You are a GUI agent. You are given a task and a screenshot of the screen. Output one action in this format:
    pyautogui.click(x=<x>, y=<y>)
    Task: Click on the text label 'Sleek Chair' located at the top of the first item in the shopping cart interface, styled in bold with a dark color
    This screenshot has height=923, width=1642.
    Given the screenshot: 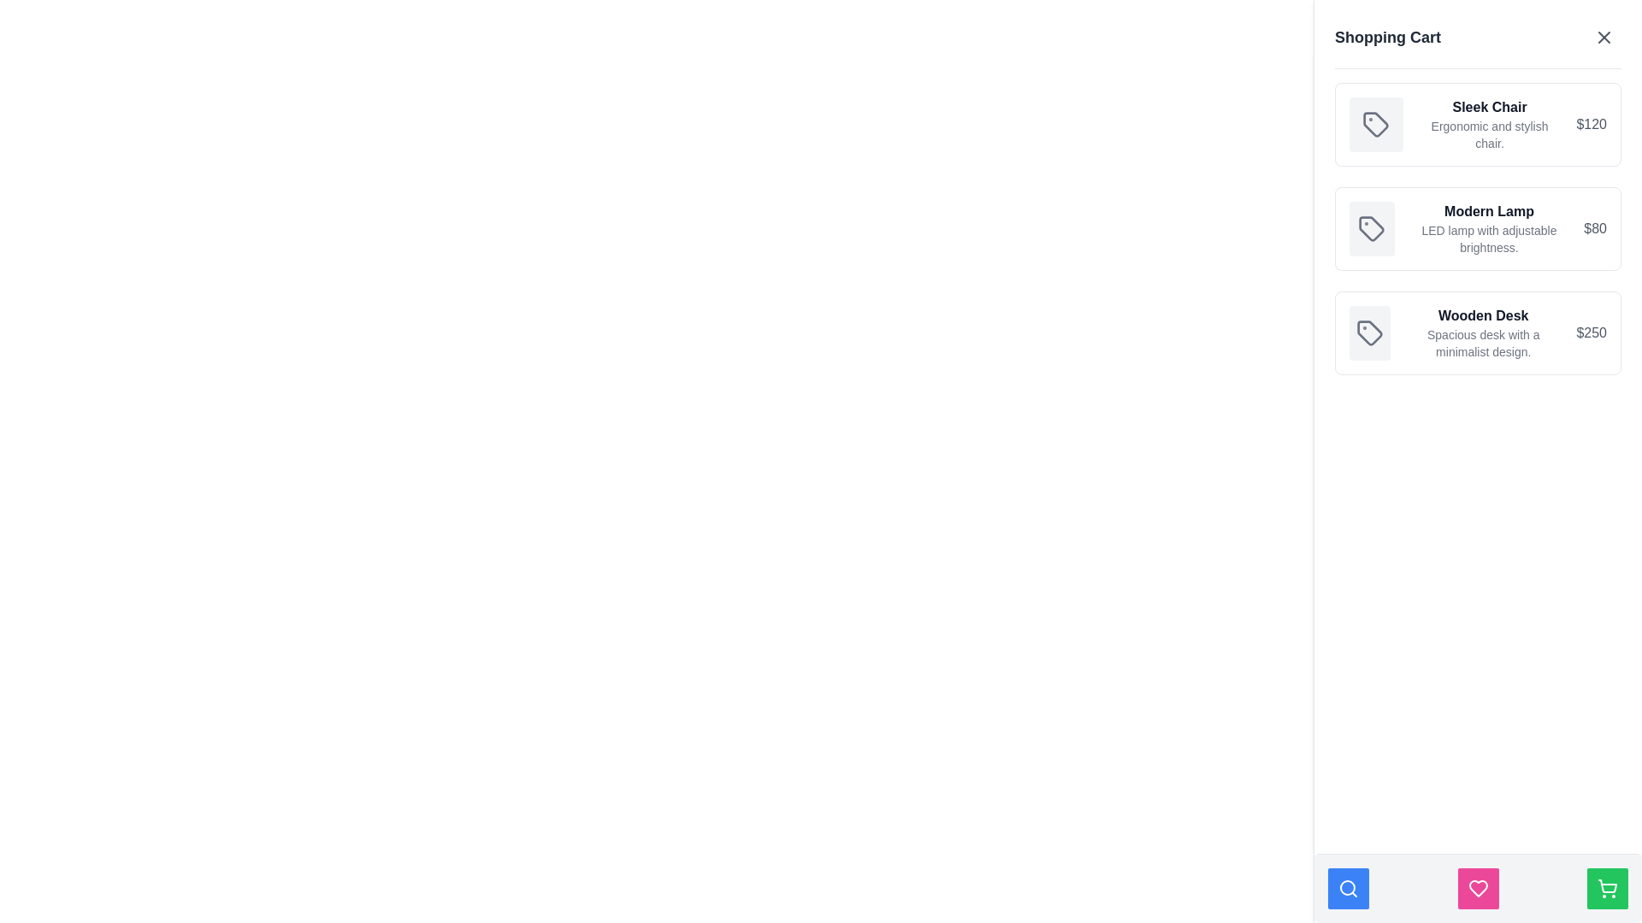 What is the action you would take?
    pyautogui.click(x=1489, y=108)
    